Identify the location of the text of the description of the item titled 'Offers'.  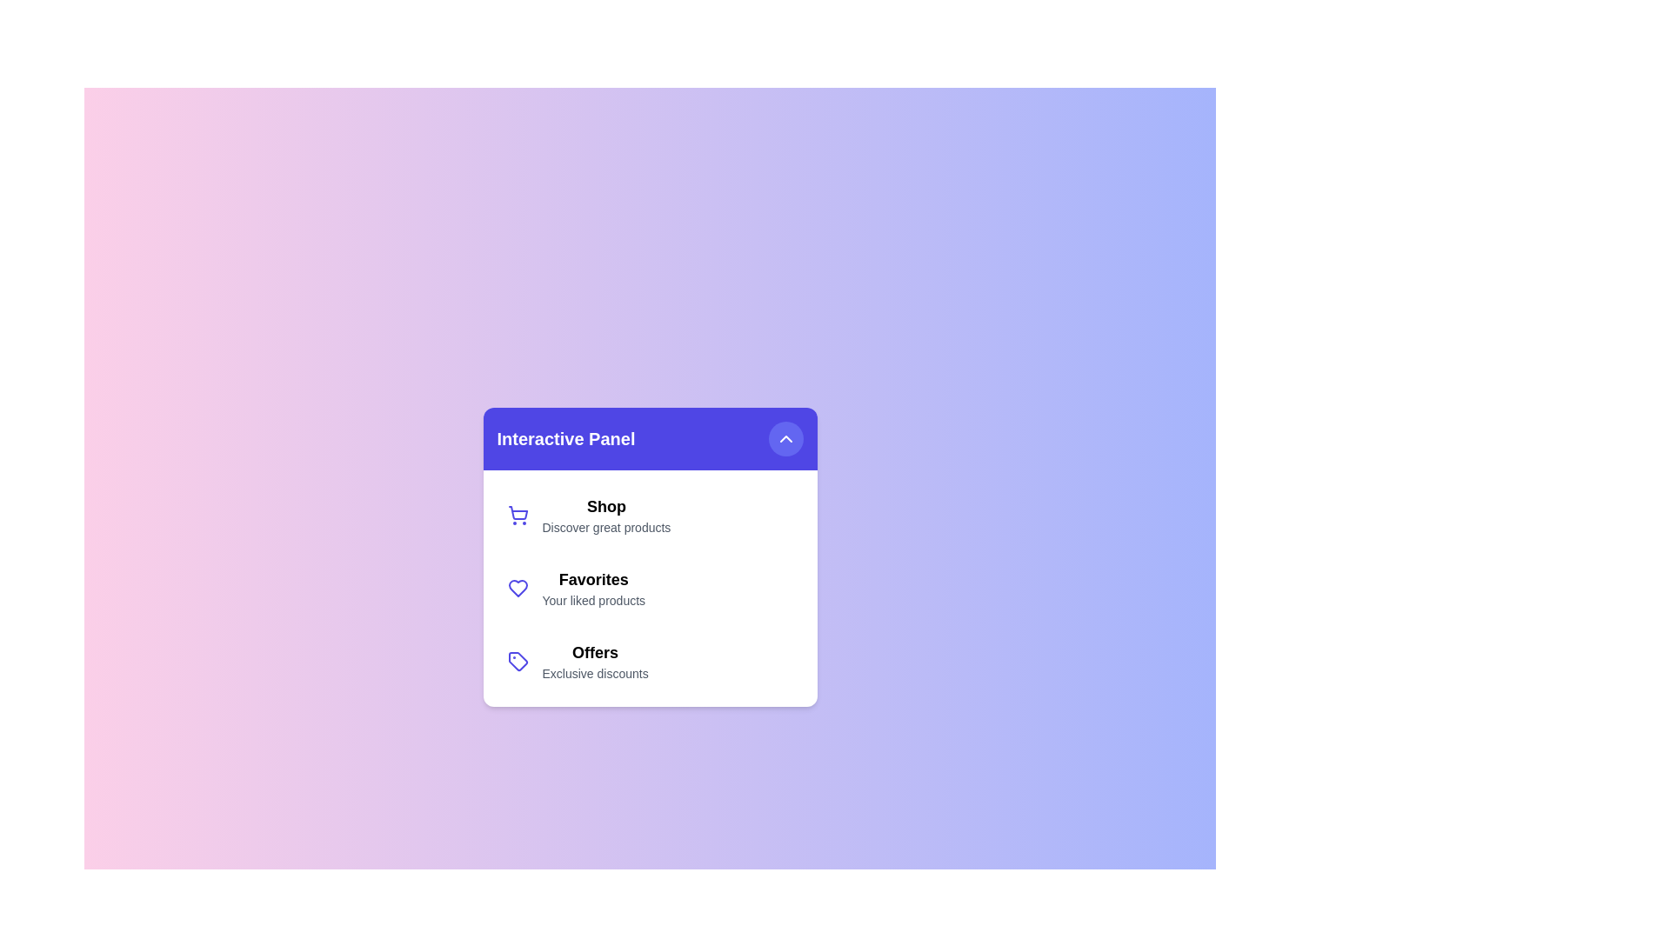
(595, 673).